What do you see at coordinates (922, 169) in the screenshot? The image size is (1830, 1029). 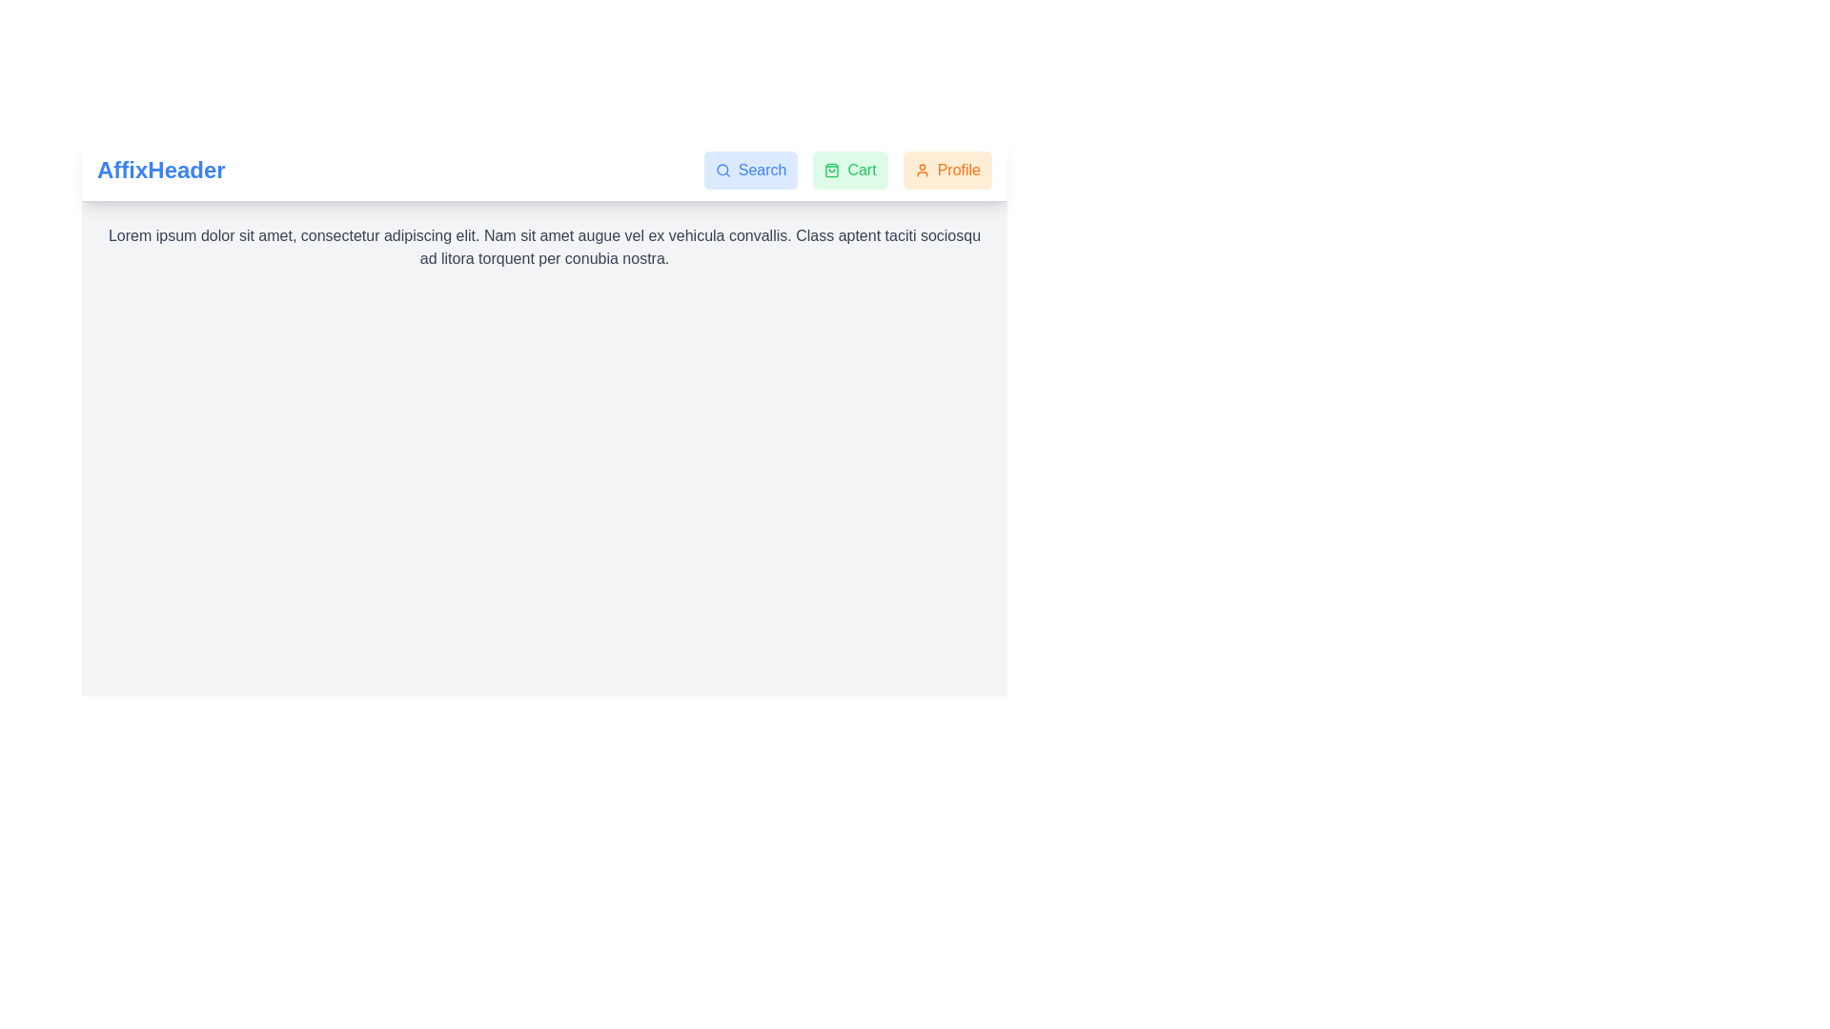 I see `the decorative icon within the 'Profile' button located at the top-right corner of the application interface, positioned to the left of the 'Profile' text` at bounding box center [922, 169].